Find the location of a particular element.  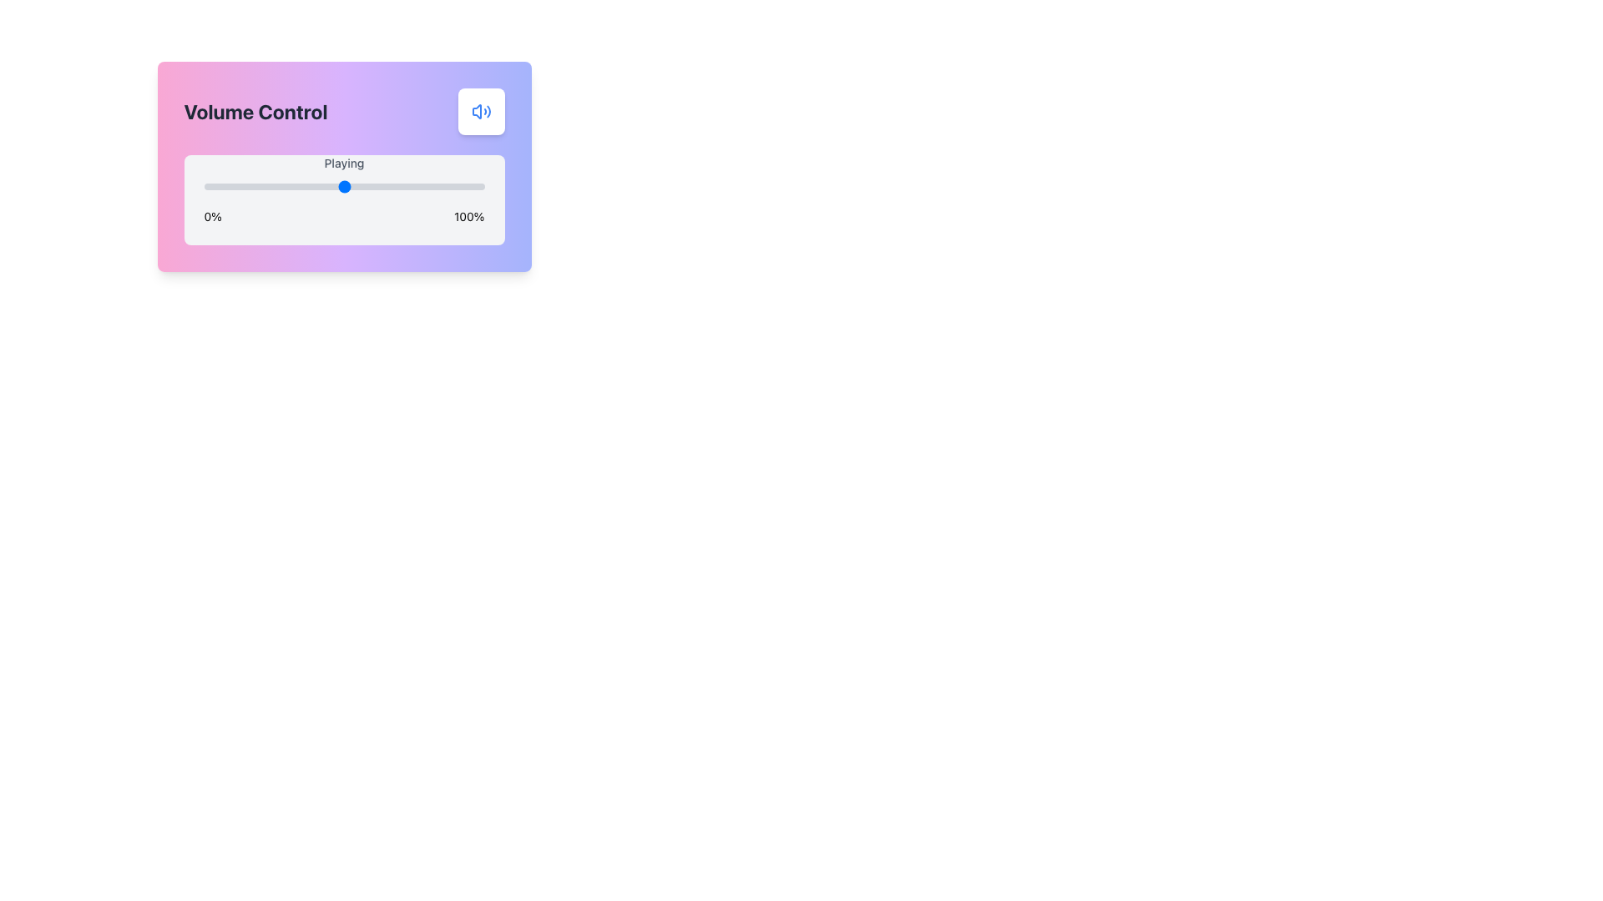

the blue speaker icon with sound waves located at the top right corner of the volume control interface card is located at coordinates (480, 112).